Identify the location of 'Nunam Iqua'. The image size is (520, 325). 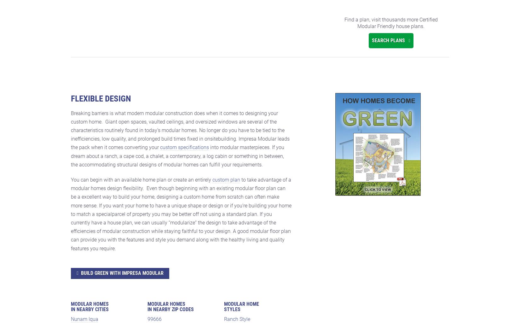
(84, 319).